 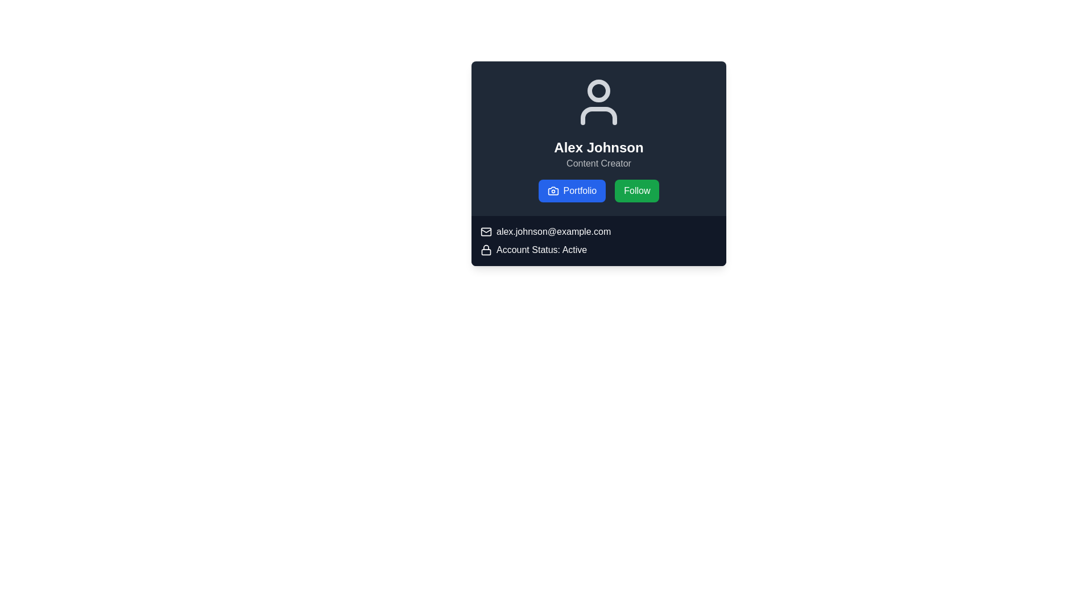 I want to click on the informational block displaying the user's email address and account status, located at the bottom of the profile card beneath the 'Portfolio' and 'Follow' buttons, so click(x=598, y=240).